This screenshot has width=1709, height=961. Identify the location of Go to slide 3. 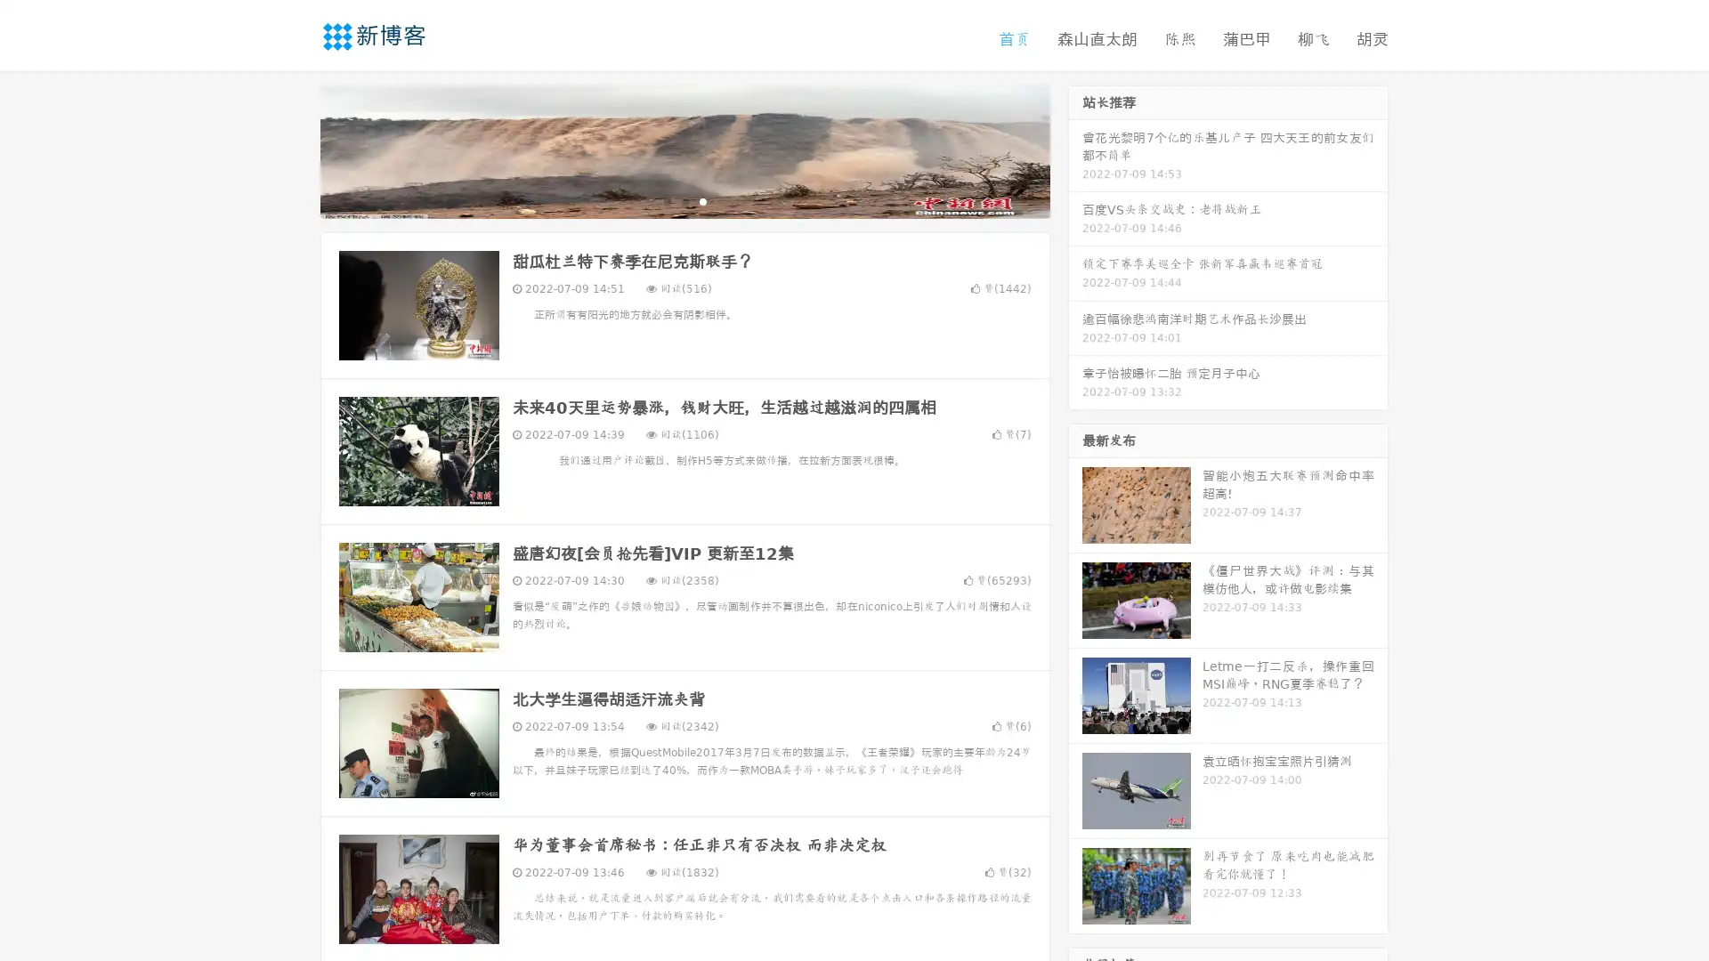
(702, 200).